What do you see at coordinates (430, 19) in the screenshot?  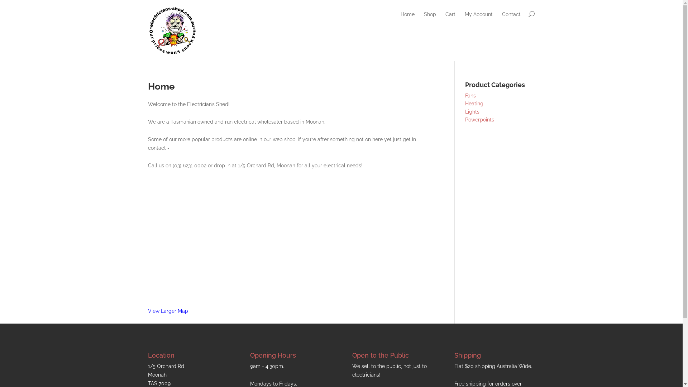 I see `'Shop'` at bounding box center [430, 19].